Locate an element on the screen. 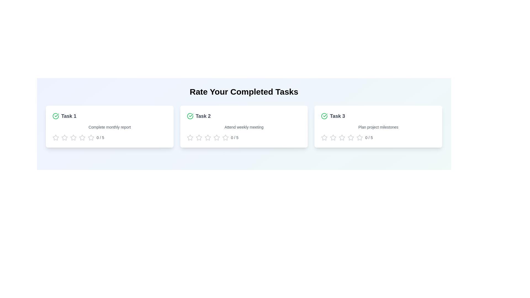 This screenshot has width=530, height=298. the task card for Task 3 is located at coordinates (378, 127).